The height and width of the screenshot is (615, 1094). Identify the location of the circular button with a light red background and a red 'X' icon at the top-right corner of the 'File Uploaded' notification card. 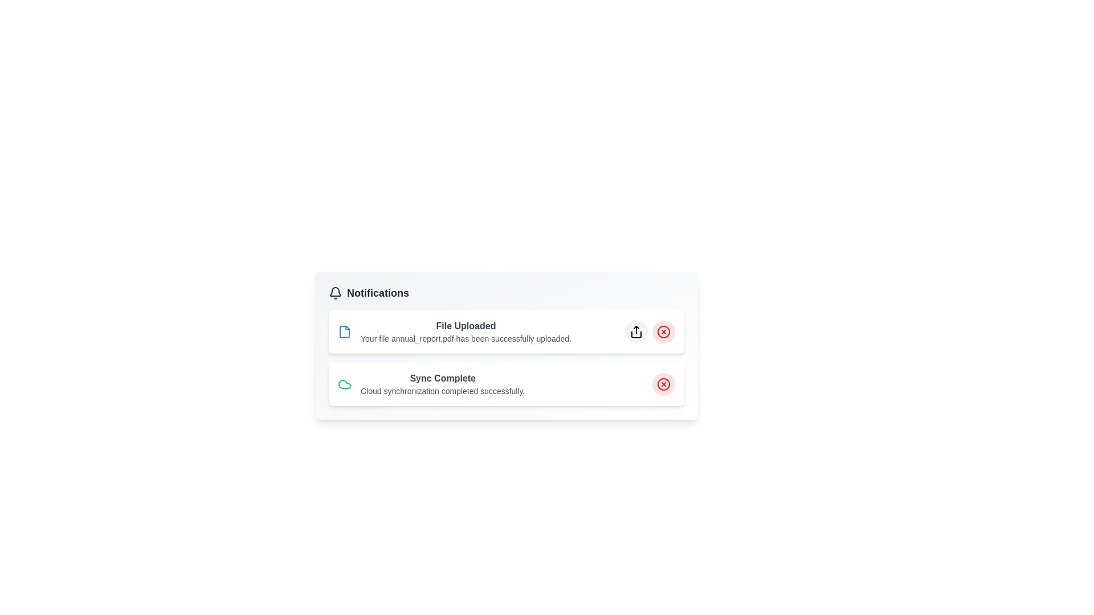
(664, 331).